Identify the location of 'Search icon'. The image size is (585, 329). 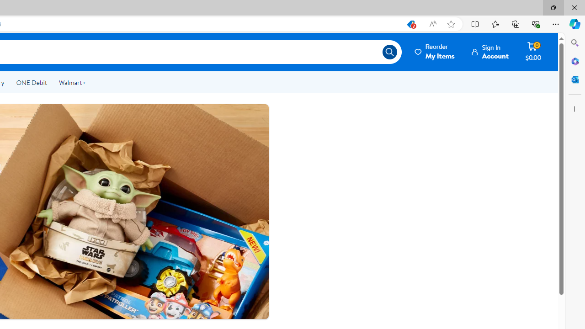
(389, 52).